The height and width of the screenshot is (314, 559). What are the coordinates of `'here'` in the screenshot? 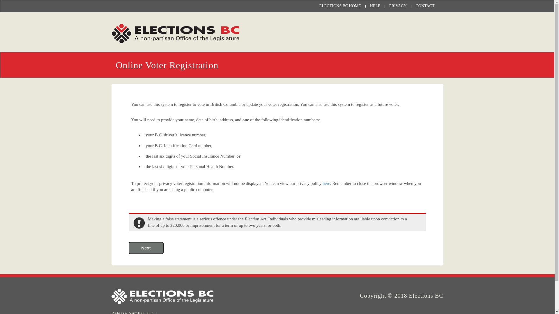 It's located at (326, 183).